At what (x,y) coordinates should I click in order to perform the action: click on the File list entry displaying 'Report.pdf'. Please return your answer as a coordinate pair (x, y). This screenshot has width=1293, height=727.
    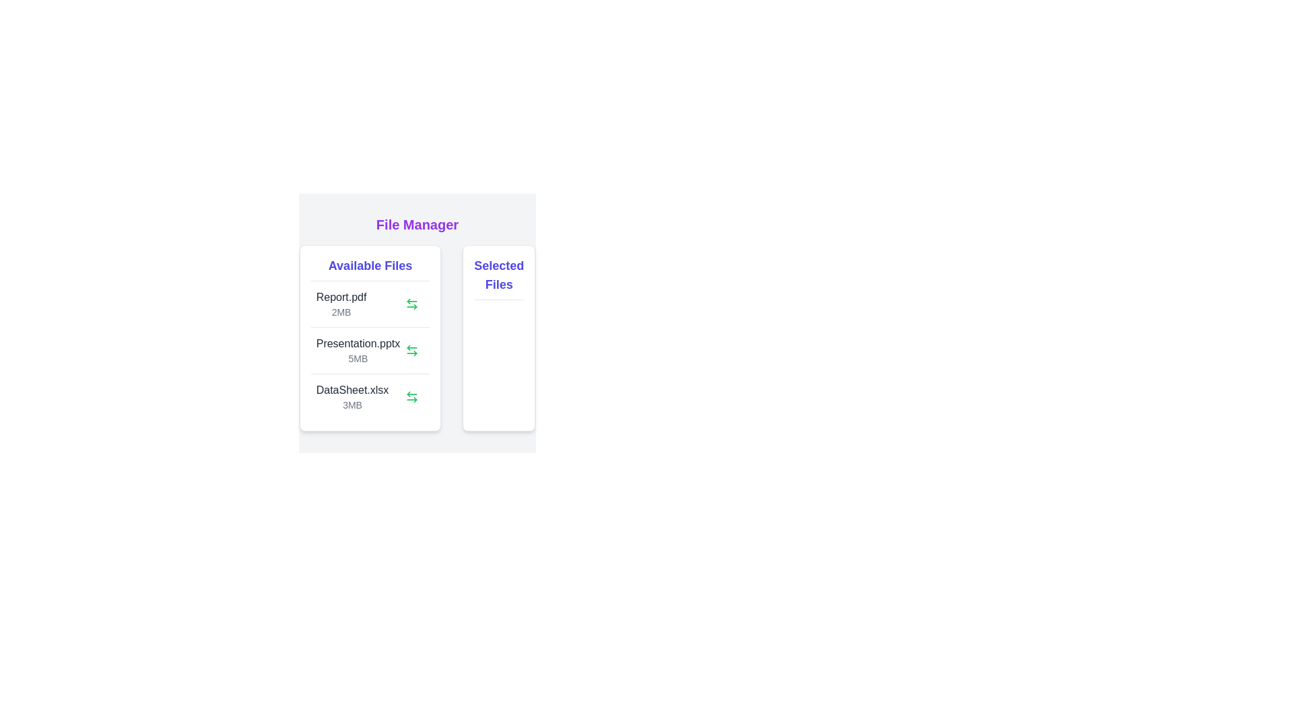
    Looking at the image, I should click on (341, 304).